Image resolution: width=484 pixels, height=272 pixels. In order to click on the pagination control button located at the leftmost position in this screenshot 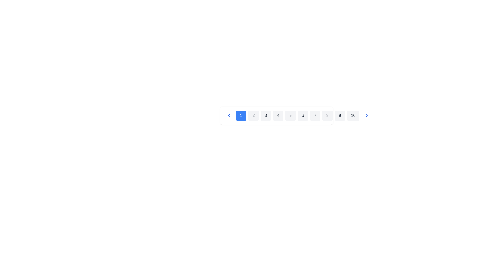, I will do `click(229, 116)`.